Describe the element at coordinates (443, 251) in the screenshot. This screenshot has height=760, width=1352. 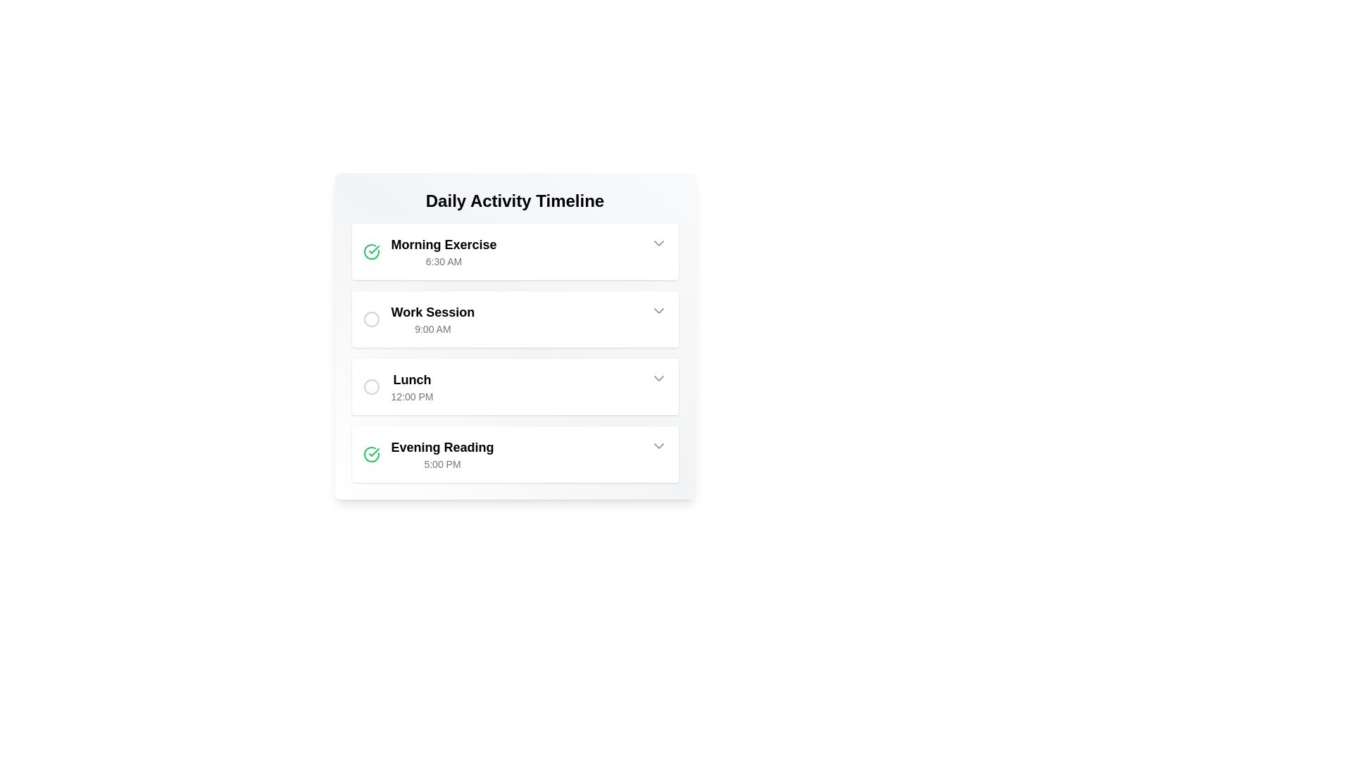
I see `the 'Morning Exercise' text block, which is styled in bold and located within the 'Daily Activity Timeline' list` at that location.